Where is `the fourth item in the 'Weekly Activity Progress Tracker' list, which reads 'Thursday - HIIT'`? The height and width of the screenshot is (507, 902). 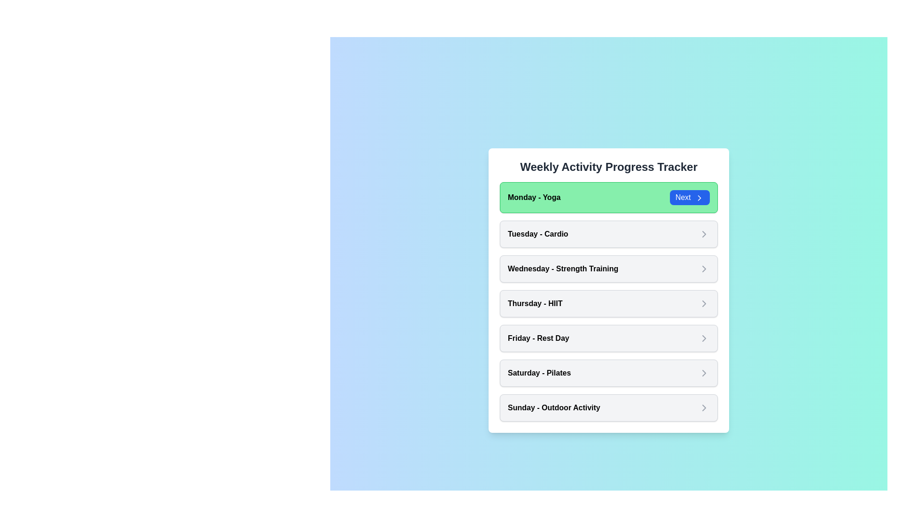
the fourth item in the 'Weekly Activity Progress Tracker' list, which reads 'Thursday - HIIT' is located at coordinates (609, 304).